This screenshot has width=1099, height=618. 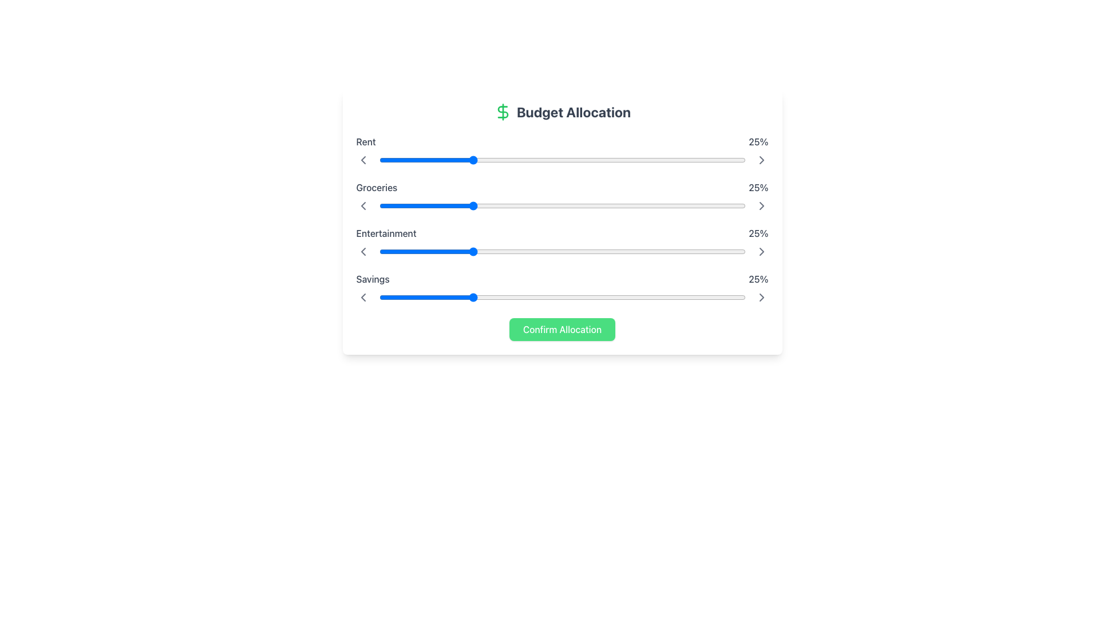 I want to click on the slider value, so click(x=415, y=297).